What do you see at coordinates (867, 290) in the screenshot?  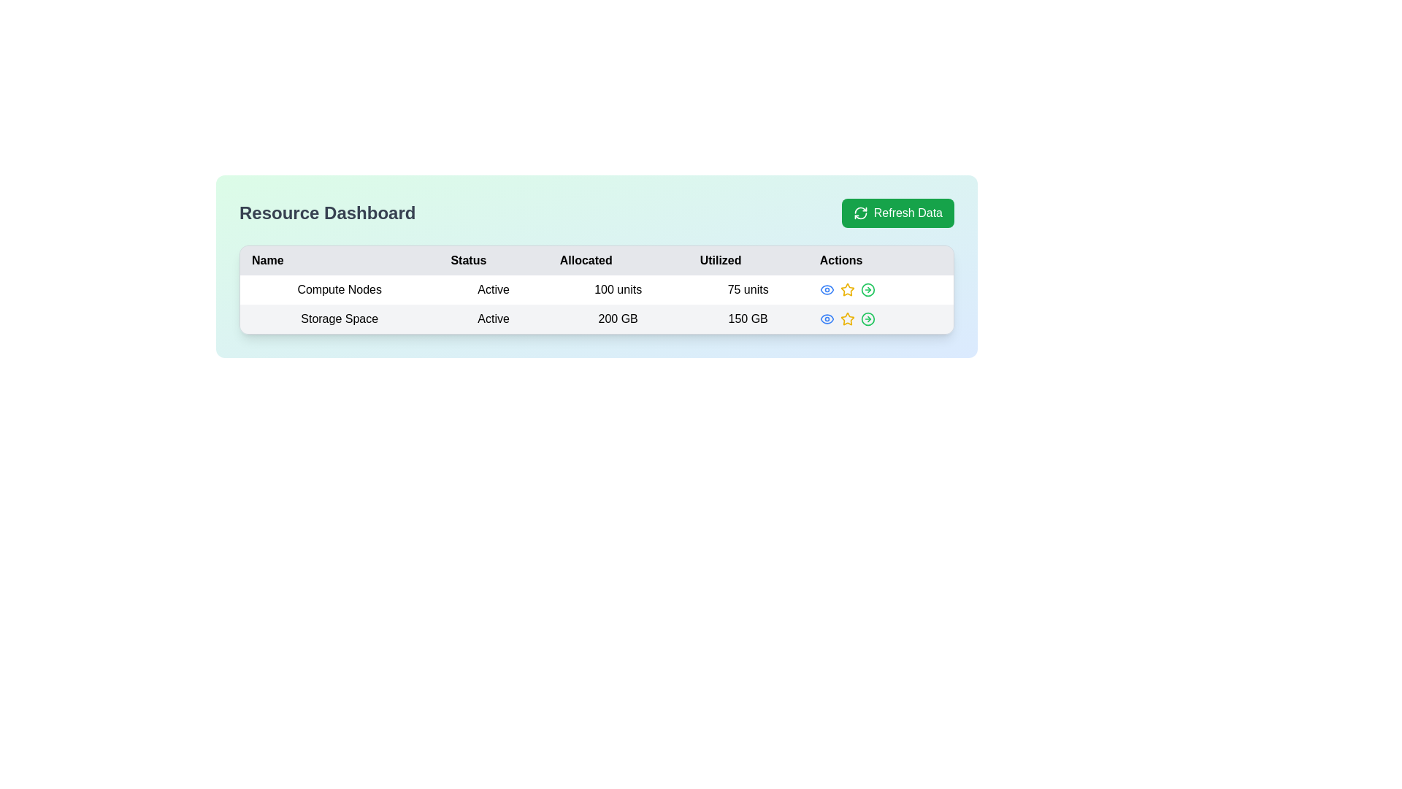 I see `the green circular icon button with a right-pointing arrow, located in the first row of the 'Actions' column, third from the left` at bounding box center [867, 290].